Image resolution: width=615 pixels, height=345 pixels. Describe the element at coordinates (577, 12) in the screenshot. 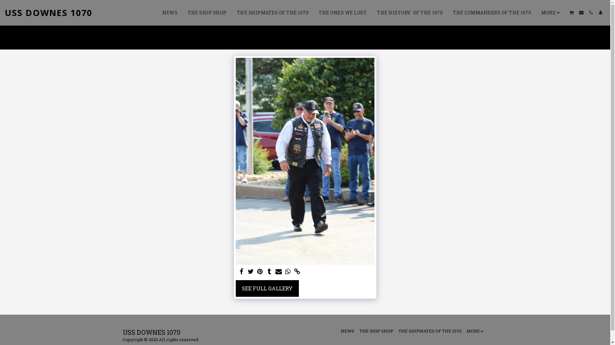

I see `' '` at that location.